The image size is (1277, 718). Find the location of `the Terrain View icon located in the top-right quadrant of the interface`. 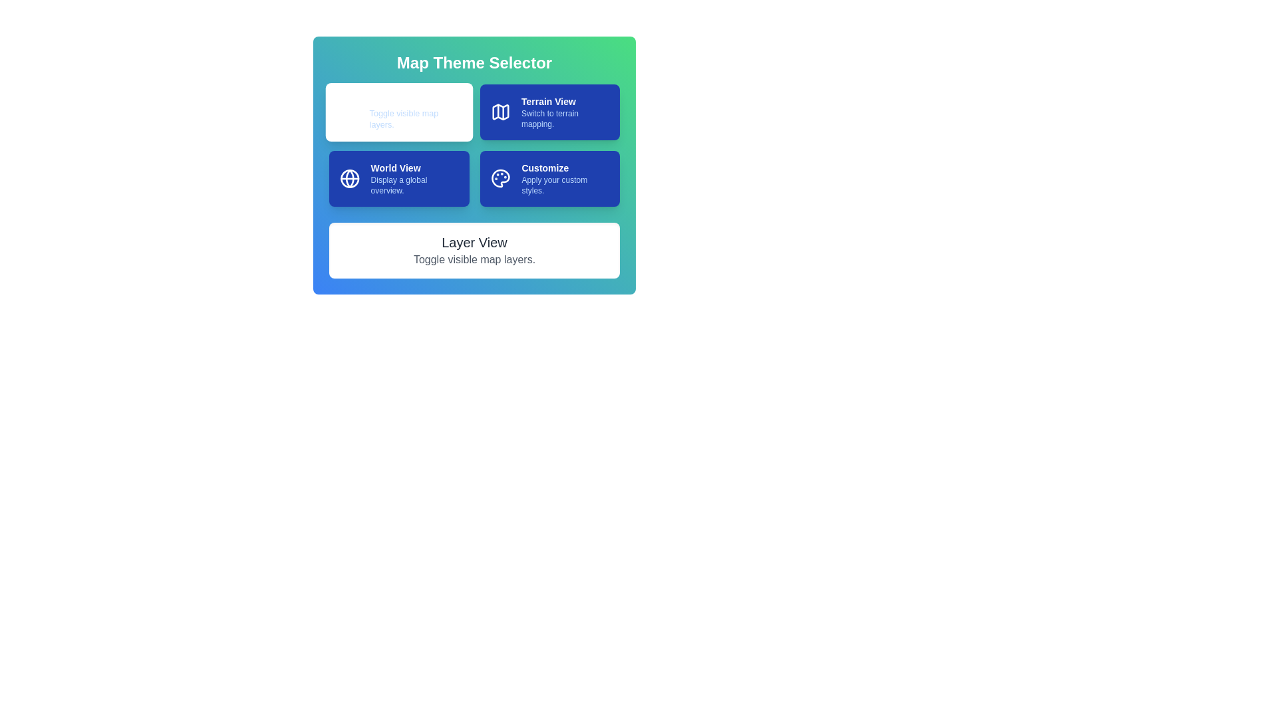

the Terrain View icon located in the top-right quadrant of the interface is located at coordinates (499, 112).